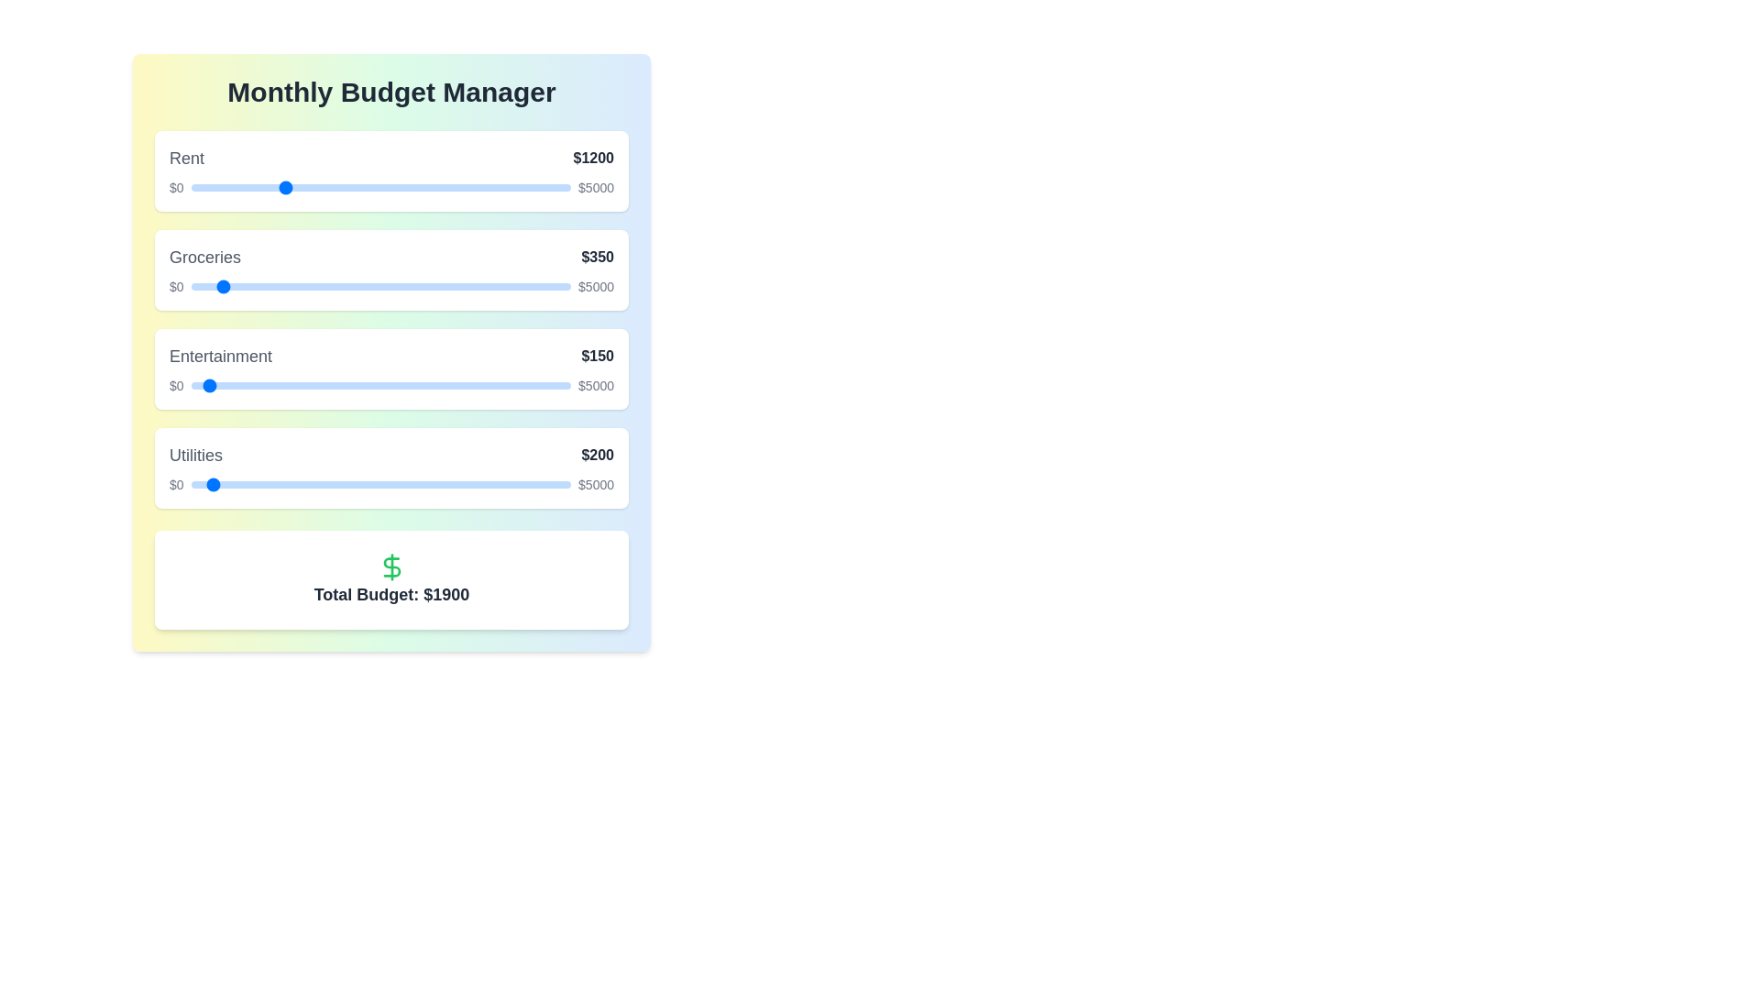 The image size is (1760, 990). What do you see at coordinates (390, 566) in the screenshot?
I see `the dollar sign icon that signifies monetary information related to the total budget, which is located above the text 'Total Budget: $1900'` at bounding box center [390, 566].